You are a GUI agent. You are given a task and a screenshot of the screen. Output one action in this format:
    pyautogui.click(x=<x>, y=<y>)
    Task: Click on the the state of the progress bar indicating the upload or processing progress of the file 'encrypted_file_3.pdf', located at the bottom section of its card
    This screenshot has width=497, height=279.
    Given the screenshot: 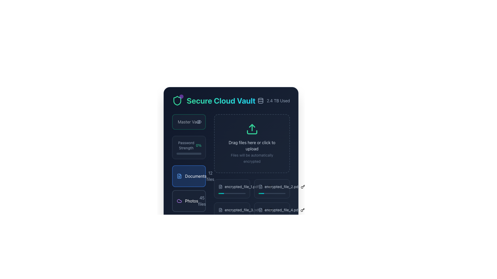 What is the action you would take?
    pyautogui.click(x=232, y=217)
    